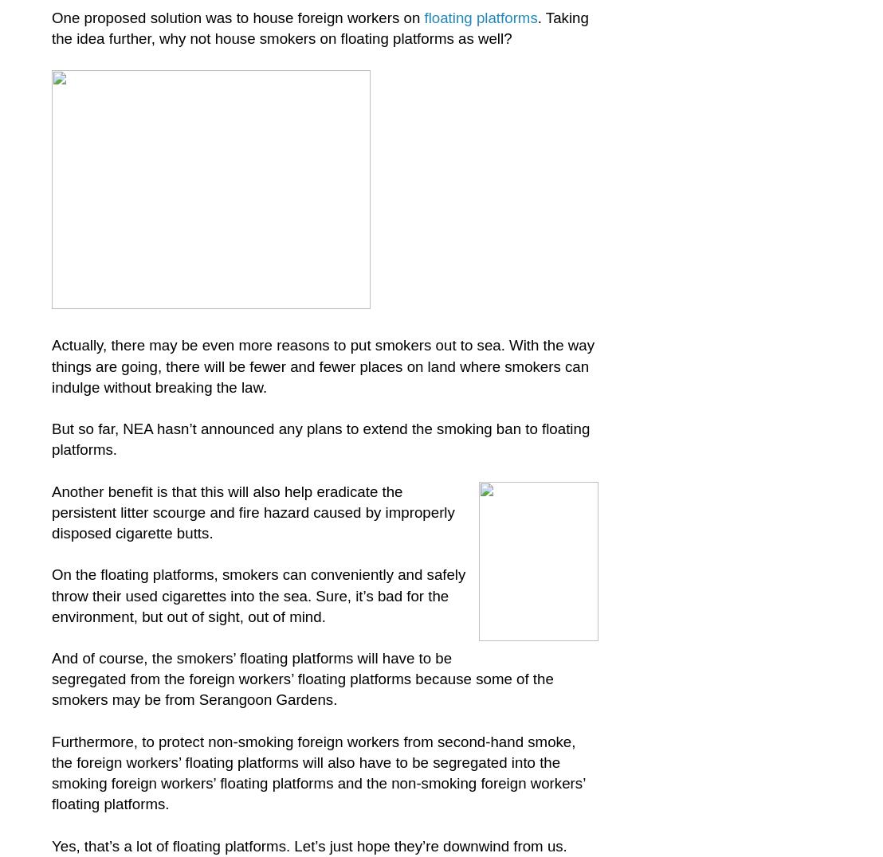 This screenshot has width=883, height=857. What do you see at coordinates (320, 438) in the screenshot?
I see `'But so far, NEA hasn’t announced any plans to extend the smoking ban to floating platforms.'` at bounding box center [320, 438].